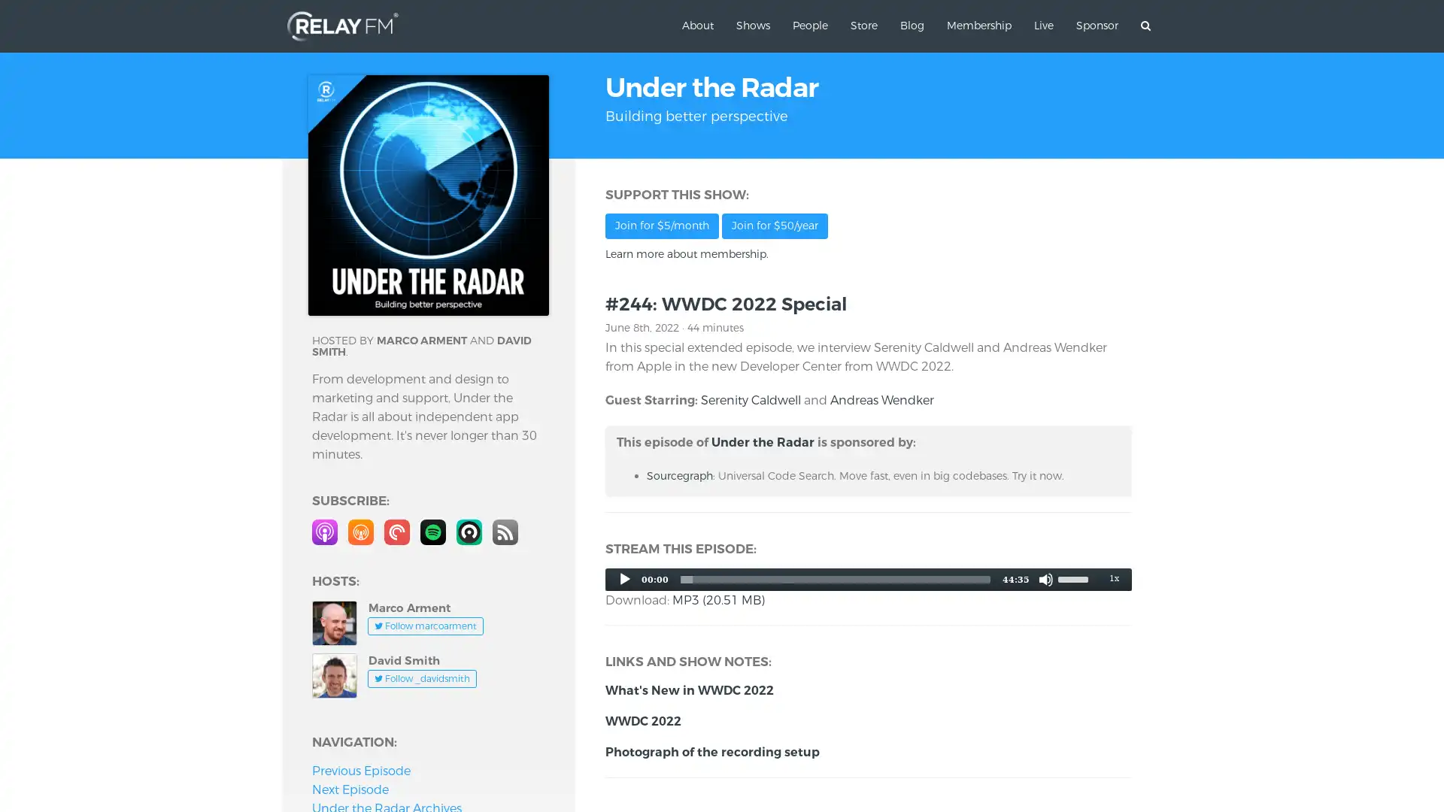  What do you see at coordinates (624, 578) in the screenshot?
I see `Play` at bounding box center [624, 578].